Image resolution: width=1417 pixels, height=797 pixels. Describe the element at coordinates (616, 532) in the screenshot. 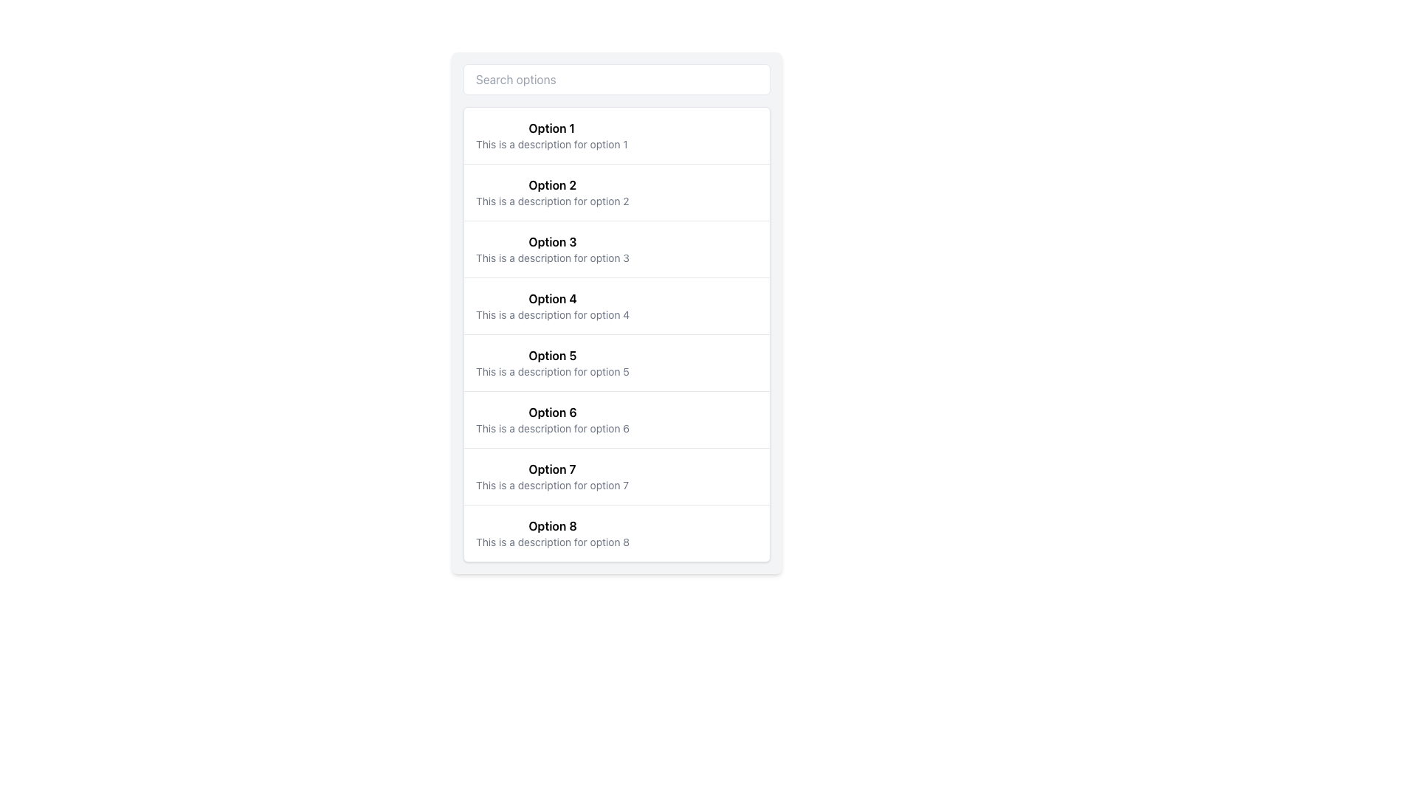

I see `the list item labeled 'Option 8'` at that location.